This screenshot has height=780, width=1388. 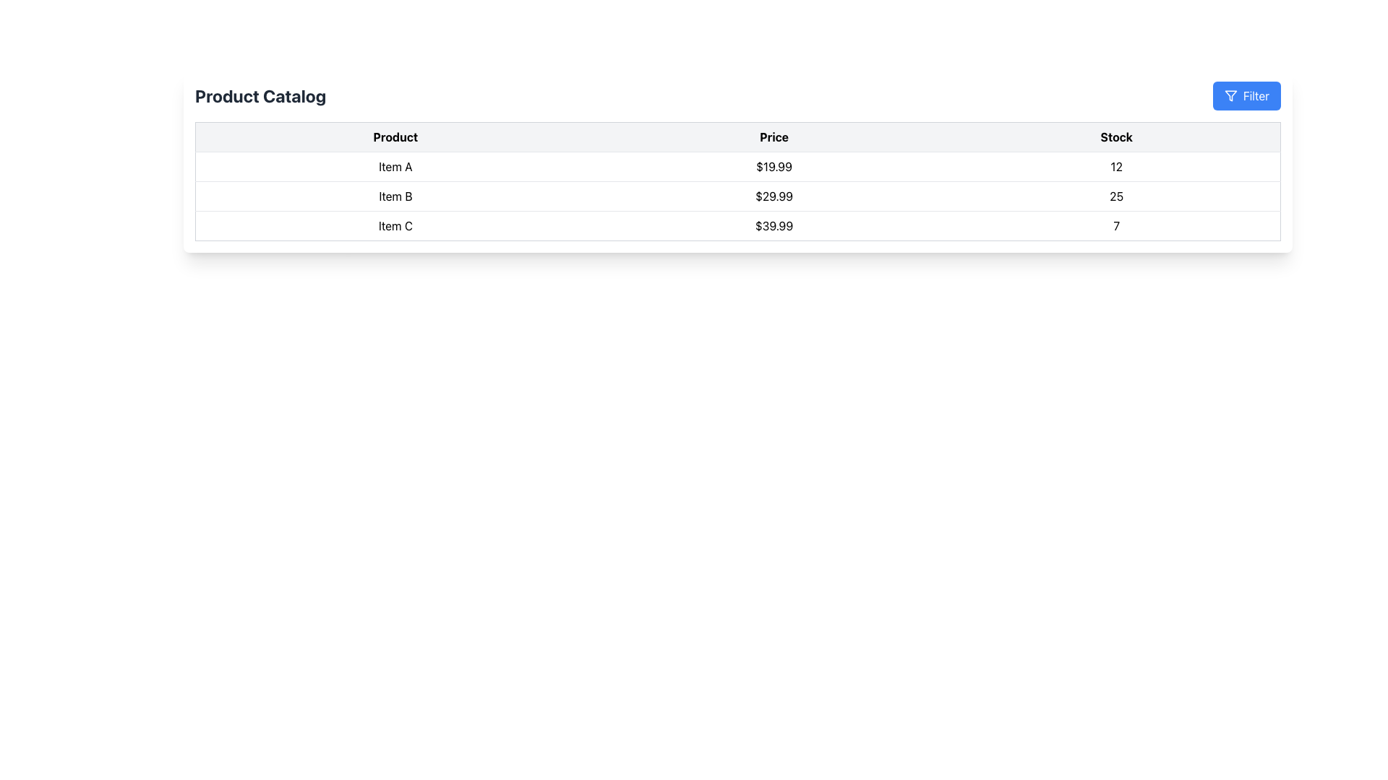 I want to click on the first row of the product table that displays 'Item A', '$19.99', and '12' available stock, so click(x=738, y=166).